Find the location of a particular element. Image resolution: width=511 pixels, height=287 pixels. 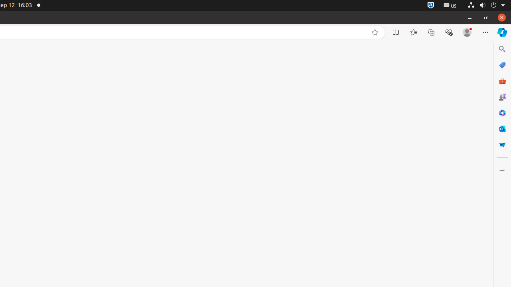

'Microsoft Shopping' is located at coordinates (501, 65).